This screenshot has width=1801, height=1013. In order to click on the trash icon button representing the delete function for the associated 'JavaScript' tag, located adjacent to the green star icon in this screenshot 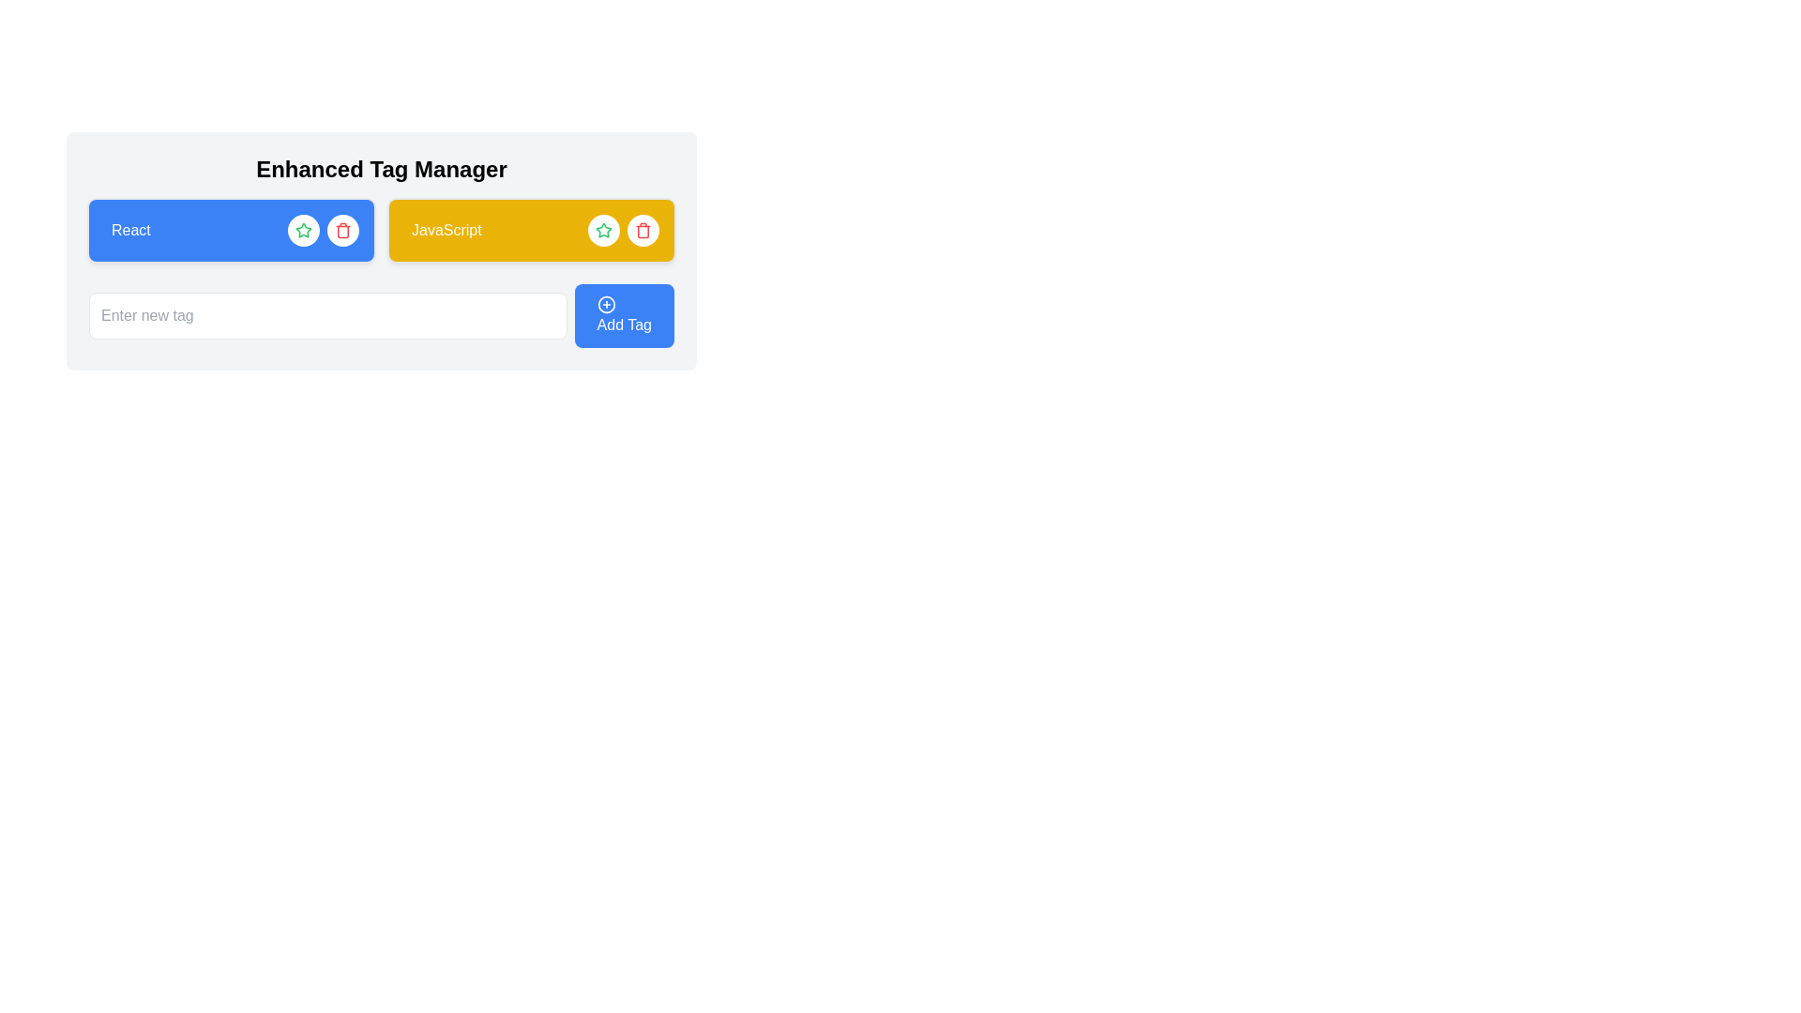, I will do `click(643, 230)`.